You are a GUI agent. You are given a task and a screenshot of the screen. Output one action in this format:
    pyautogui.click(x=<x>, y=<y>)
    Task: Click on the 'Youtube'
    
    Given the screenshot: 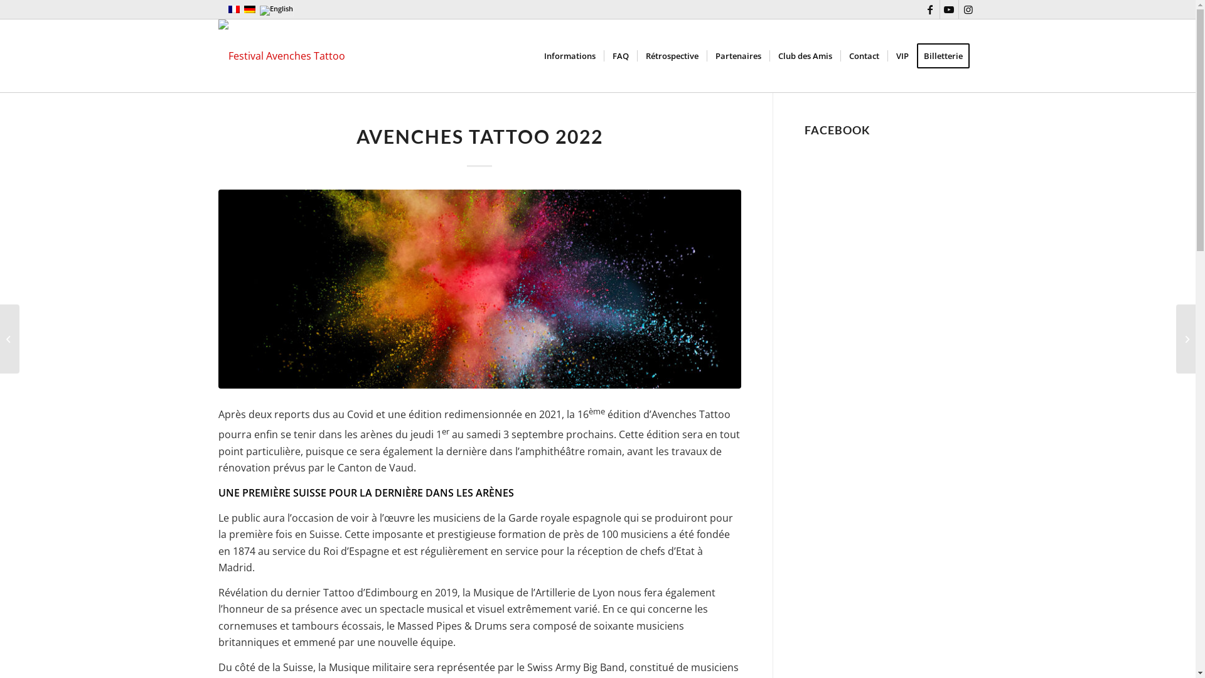 What is the action you would take?
    pyautogui.click(x=949, y=9)
    